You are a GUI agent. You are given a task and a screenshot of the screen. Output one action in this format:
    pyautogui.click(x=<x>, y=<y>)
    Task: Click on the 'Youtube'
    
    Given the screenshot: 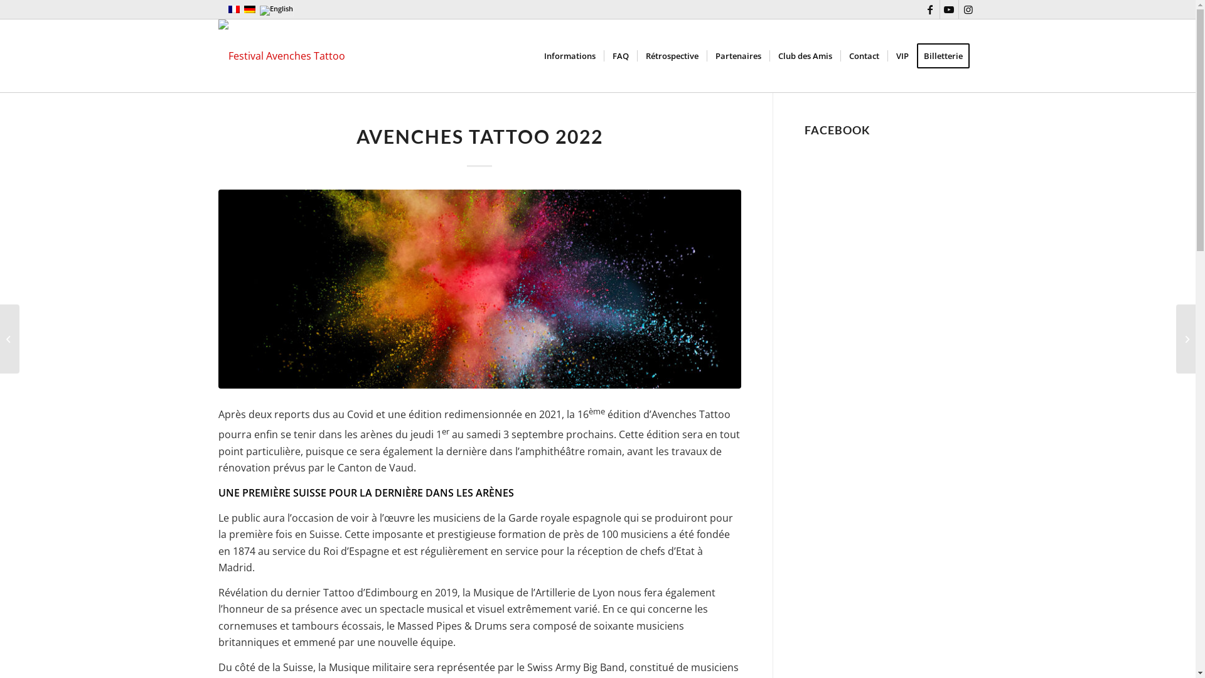 What is the action you would take?
    pyautogui.click(x=949, y=9)
    